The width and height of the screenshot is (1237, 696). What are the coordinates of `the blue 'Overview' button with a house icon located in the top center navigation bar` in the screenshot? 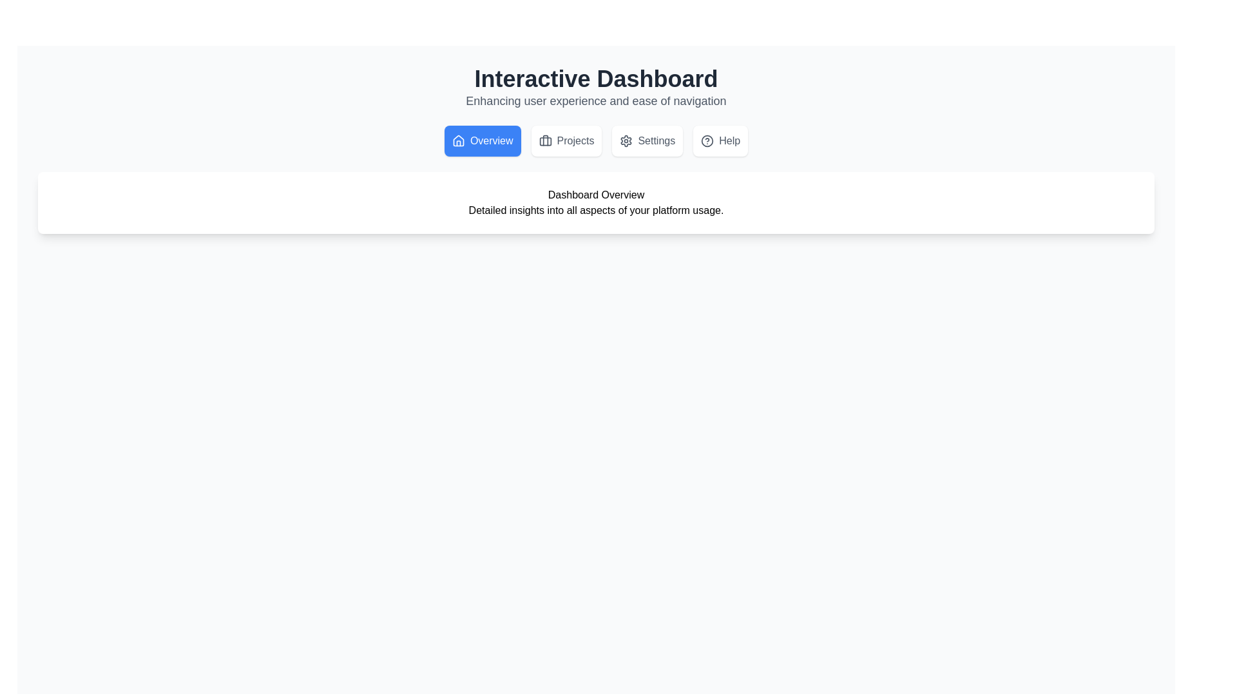 It's located at (482, 141).